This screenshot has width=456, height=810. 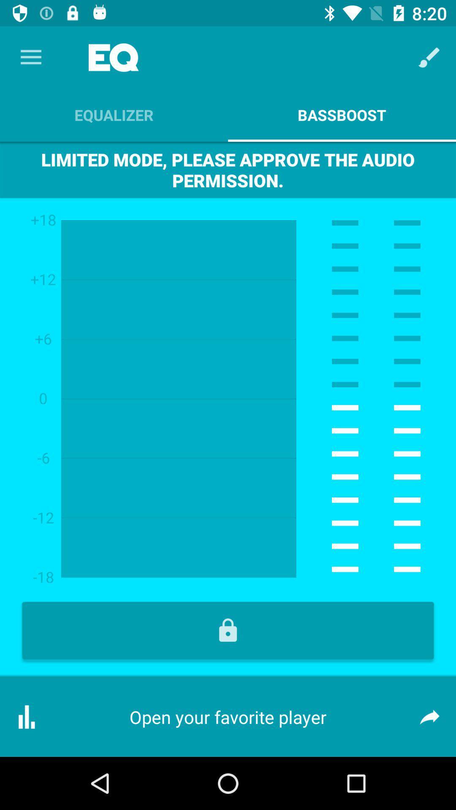 What do you see at coordinates (429, 57) in the screenshot?
I see `app next to the equalizer item` at bounding box center [429, 57].